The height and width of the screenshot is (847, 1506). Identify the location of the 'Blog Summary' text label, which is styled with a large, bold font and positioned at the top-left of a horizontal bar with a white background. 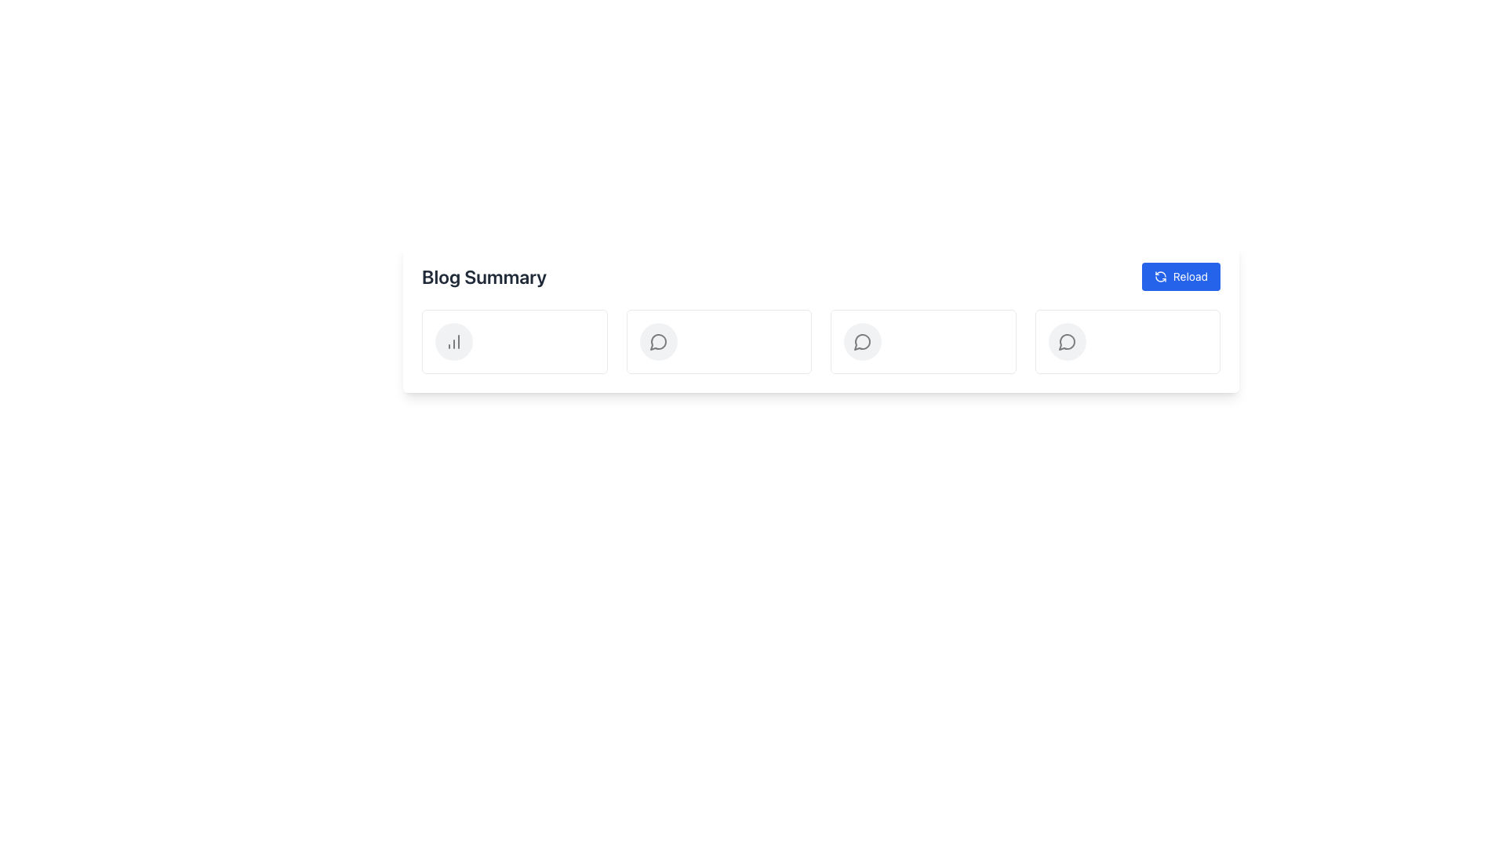
(483, 276).